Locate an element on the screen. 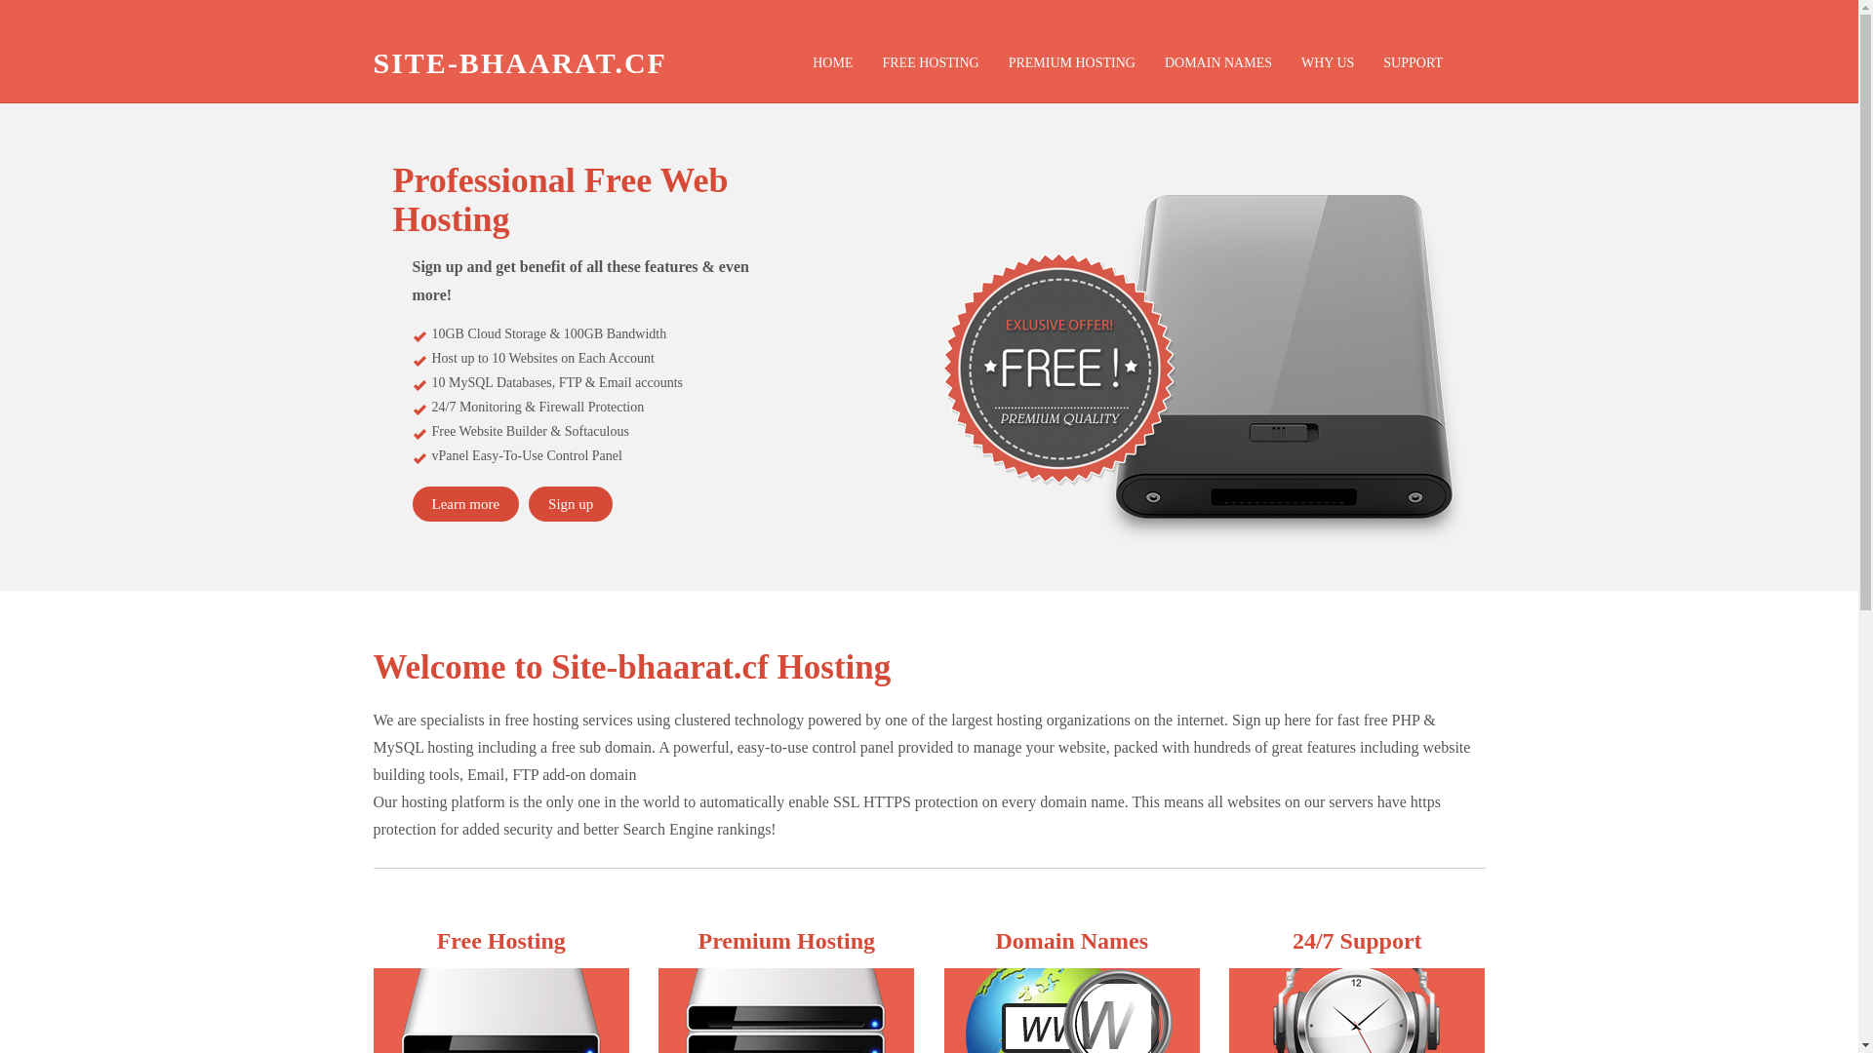 Image resolution: width=1873 pixels, height=1053 pixels. 'SITE-BHAARAT.CF' is located at coordinates (520, 62).